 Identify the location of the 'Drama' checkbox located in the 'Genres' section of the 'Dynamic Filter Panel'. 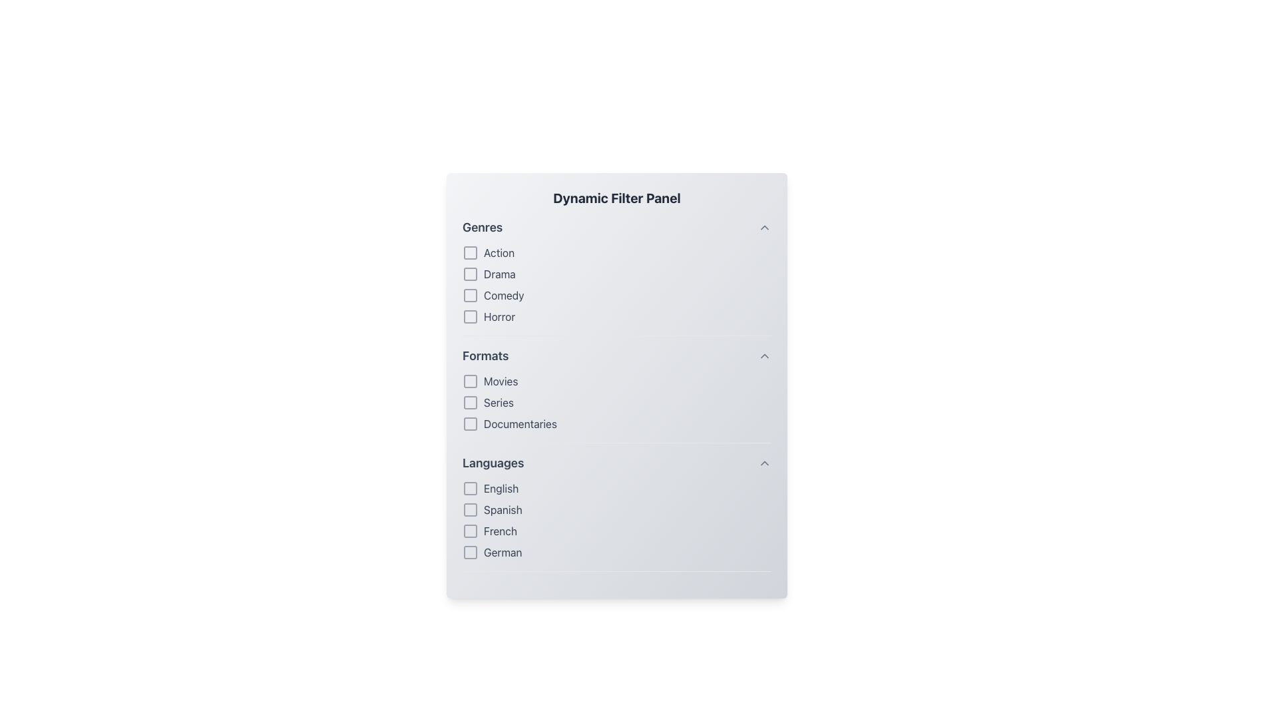
(616, 274).